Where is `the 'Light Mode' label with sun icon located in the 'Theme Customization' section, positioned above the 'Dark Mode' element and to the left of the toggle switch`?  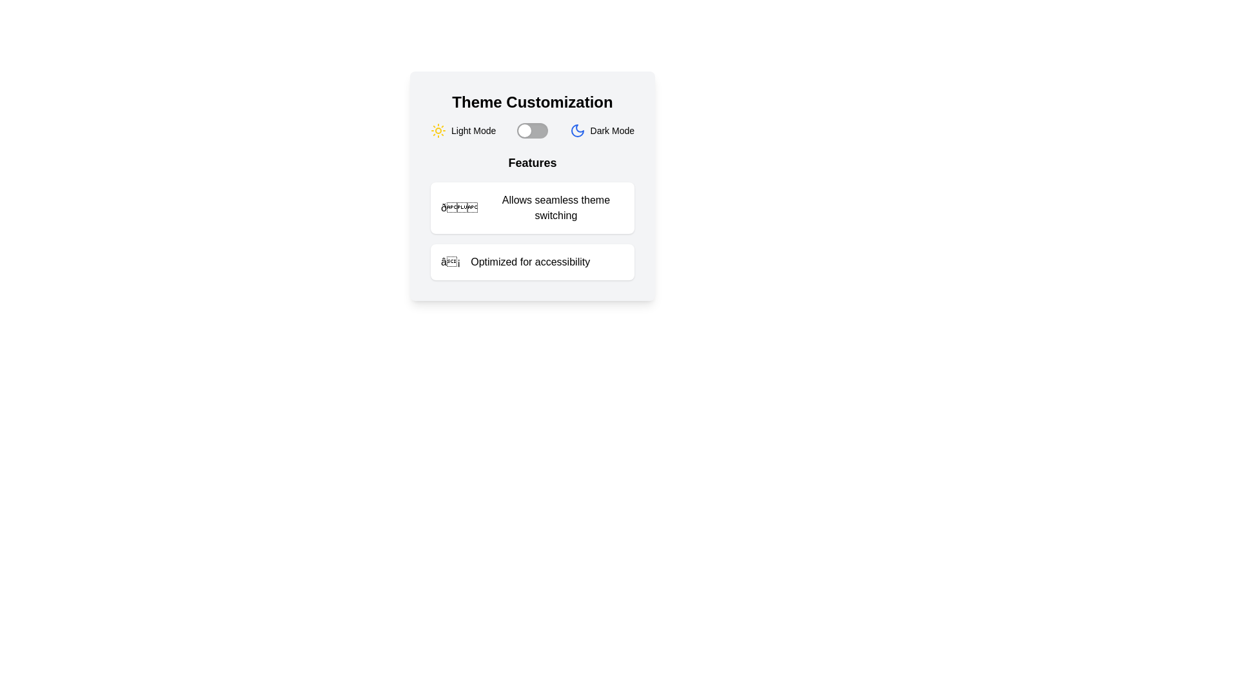 the 'Light Mode' label with sun icon located in the 'Theme Customization' section, positioned above the 'Dark Mode' element and to the left of the toggle switch is located at coordinates (463, 131).